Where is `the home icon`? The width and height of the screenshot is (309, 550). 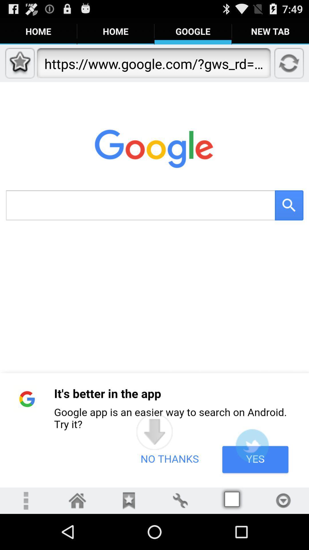 the home icon is located at coordinates (77, 535).